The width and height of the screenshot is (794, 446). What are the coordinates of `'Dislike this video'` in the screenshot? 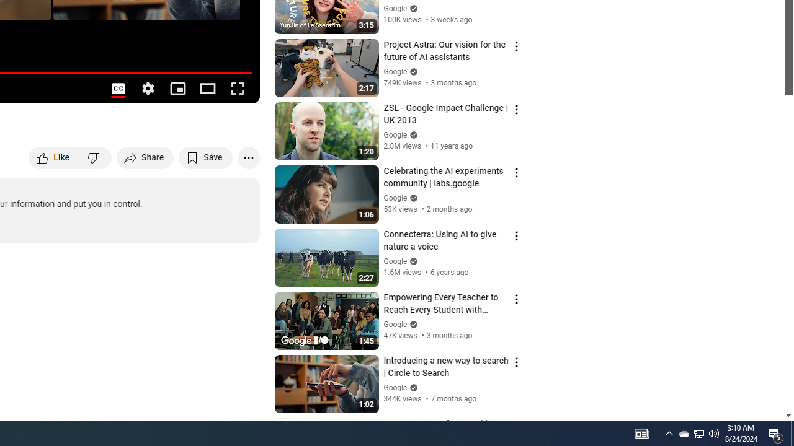 It's located at (95, 157).